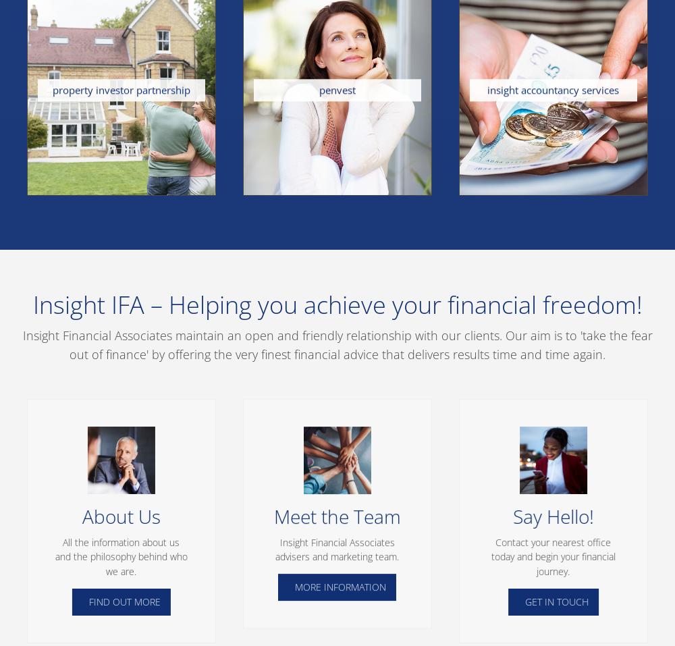 The width and height of the screenshot is (675, 646). Describe the element at coordinates (121, 98) in the screenshot. I see `'We are specialists in securing high yield property investment opportunities that will generate surplus income and achieve long term capital growth.  We introduce investors to Solicitors and Mortgage Brokers who specialise in investor property purchase. Our clients are supported every step of the way, from reservation through to securing the first tenant.'` at that location.